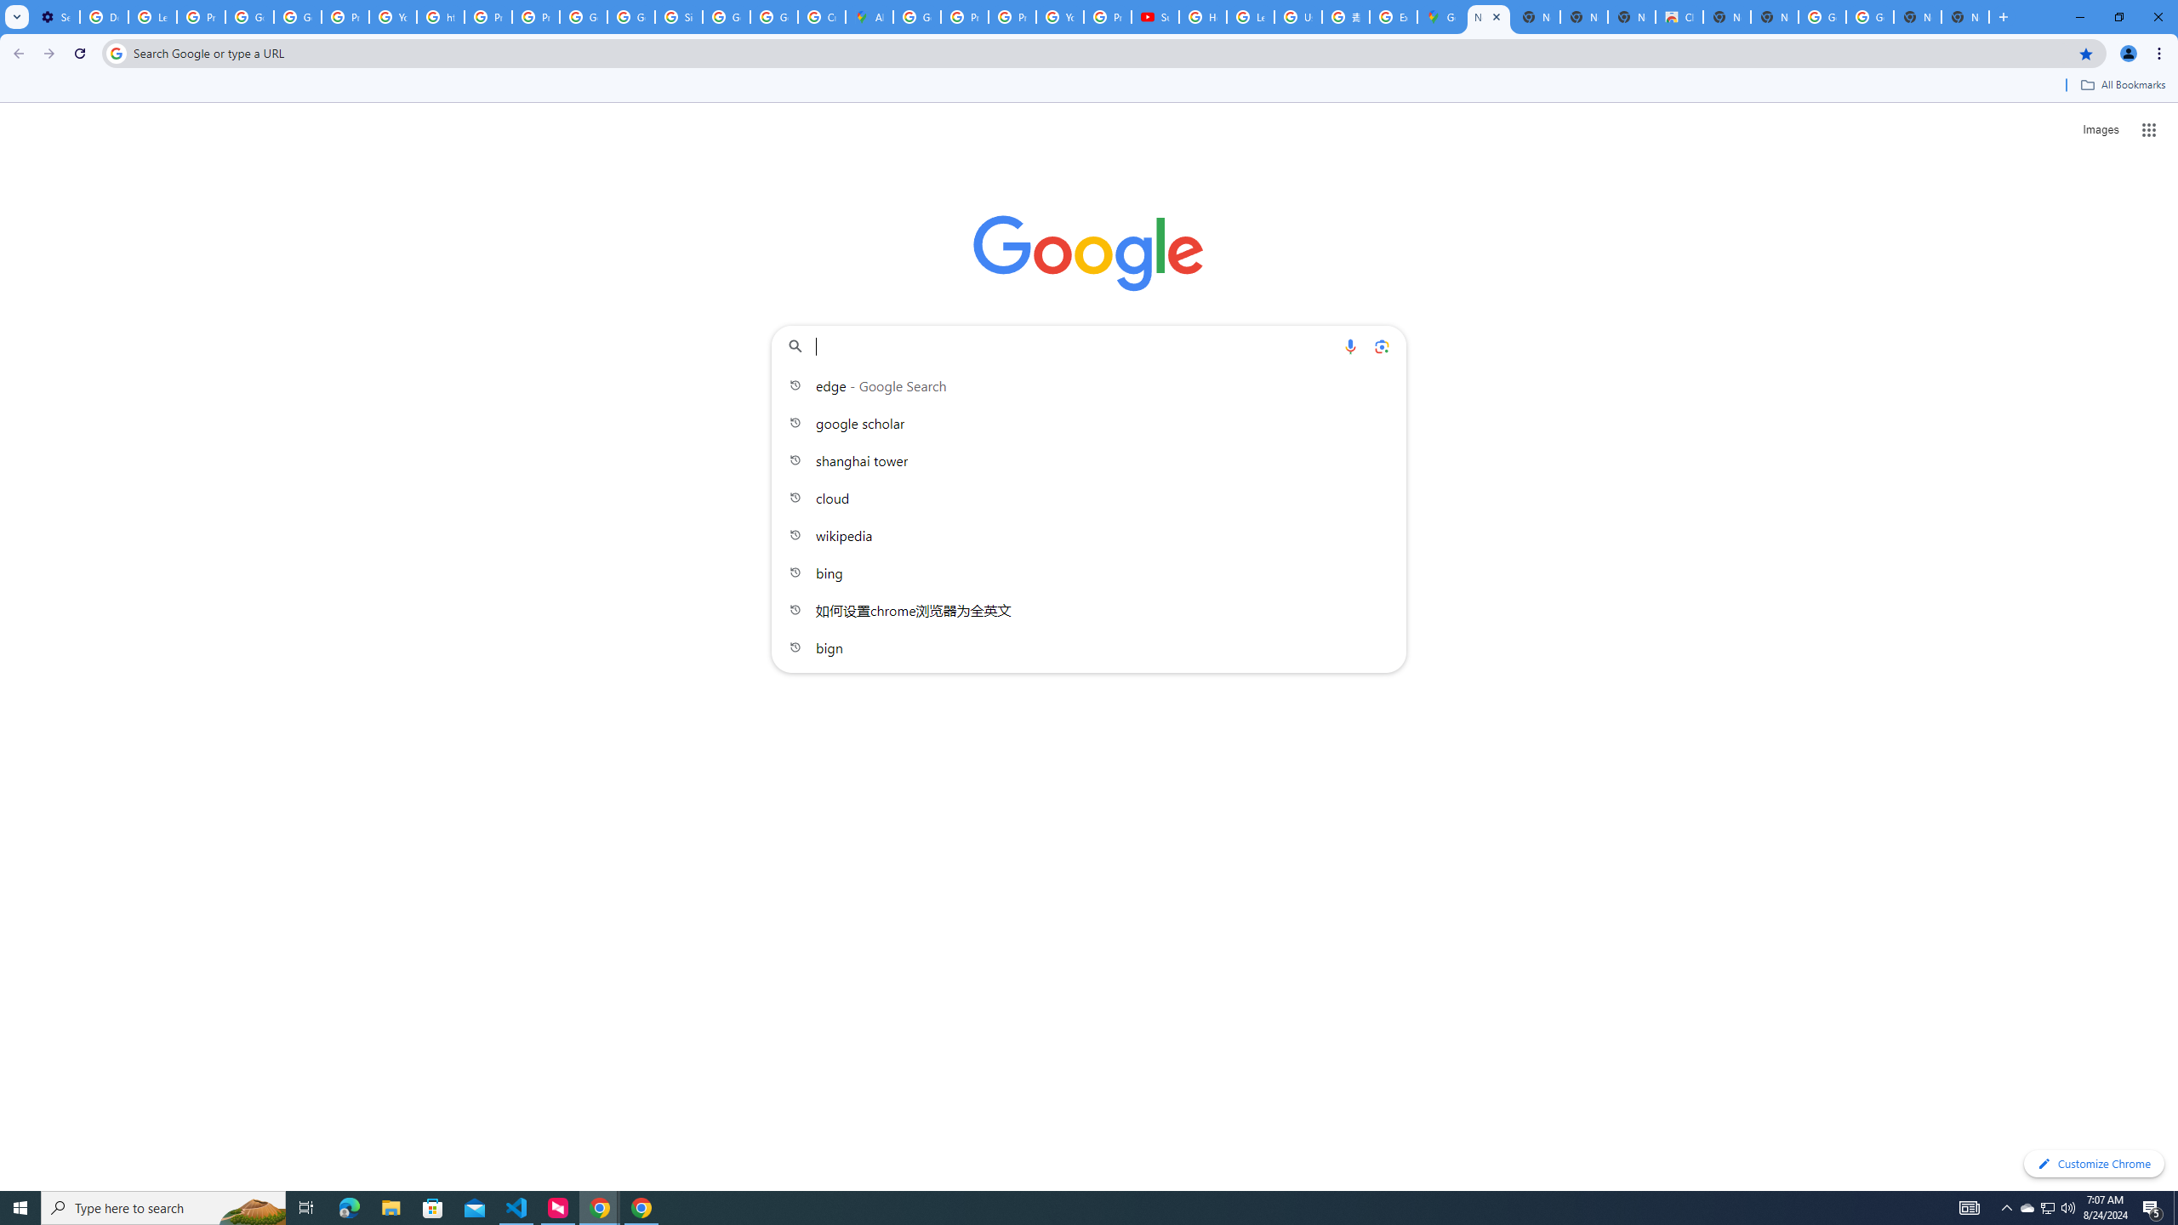  I want to click on 'Google Account Help', so click(296, 16).